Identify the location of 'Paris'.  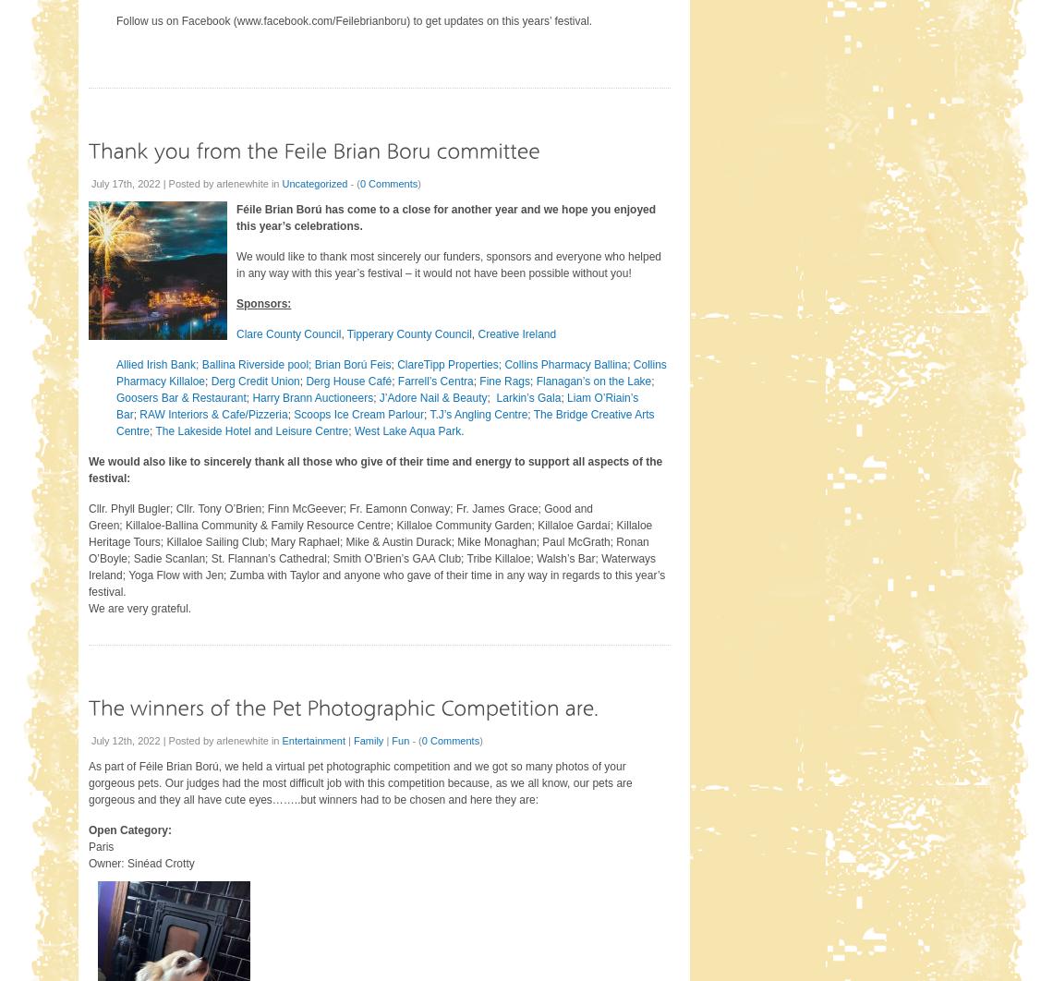
(87, 846).